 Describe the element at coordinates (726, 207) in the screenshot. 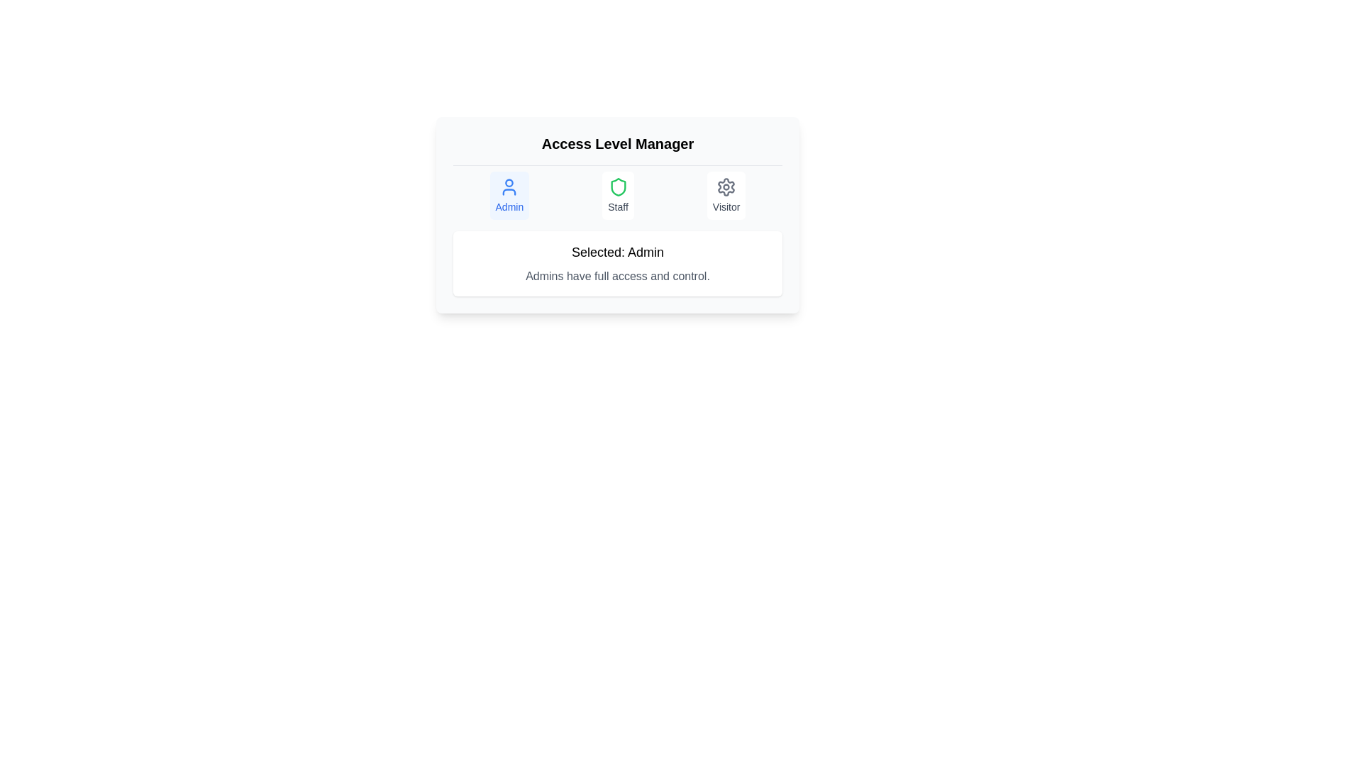

I see `the text label that describes the selectable option represented by the cogwheel icon above it, which is part of the 'Access Level Manager' interface and is positioned below the cogwheel icon` at that location.